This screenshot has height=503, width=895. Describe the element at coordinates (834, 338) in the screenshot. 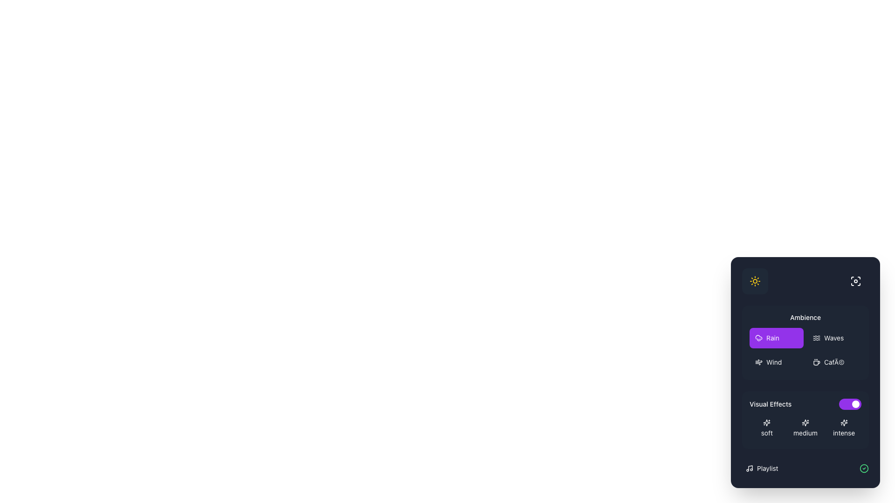

I see `the label containing the text 'Waves', which is styled with a small font size and is positioned in the 'Ambience' section adjacent to a wave icon` at that location.